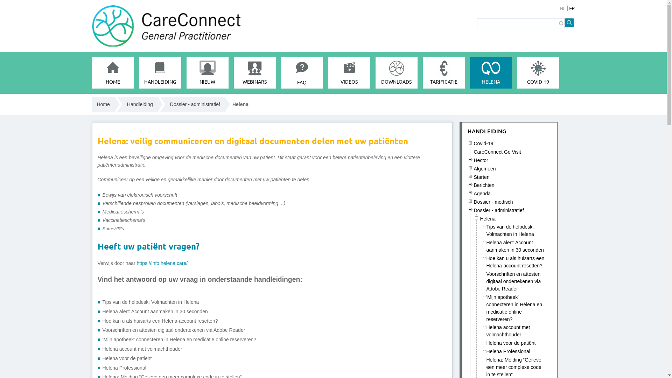 The image size is (672, 378). What do you see at coordinates (254, 73) in the screenshot?
I see `'WEBINARS'` at bounding box center [254, 73].